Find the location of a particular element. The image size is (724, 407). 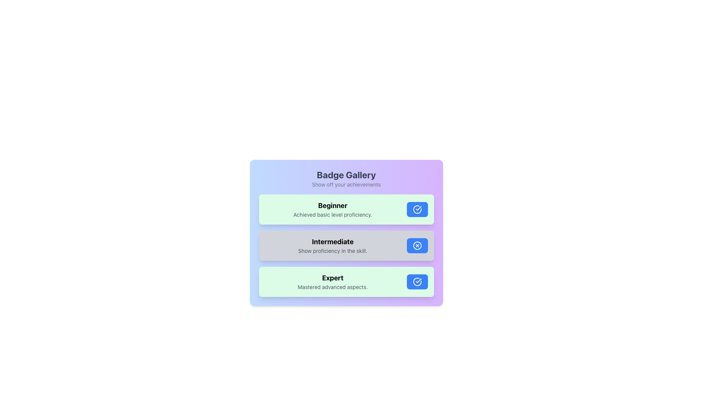

the descriptive text label that explains the 'Beginner' level, located beneath the bold text 'Beginner' in the 'Badge Gallery' interface is located at coordinates (332, 215).